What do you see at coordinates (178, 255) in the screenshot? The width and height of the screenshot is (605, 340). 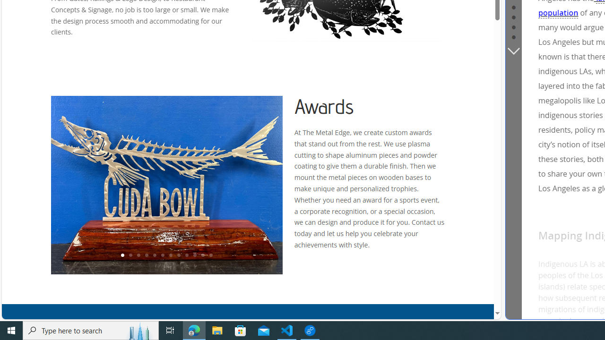 I see `'8'` at bounding box center [178, 255].